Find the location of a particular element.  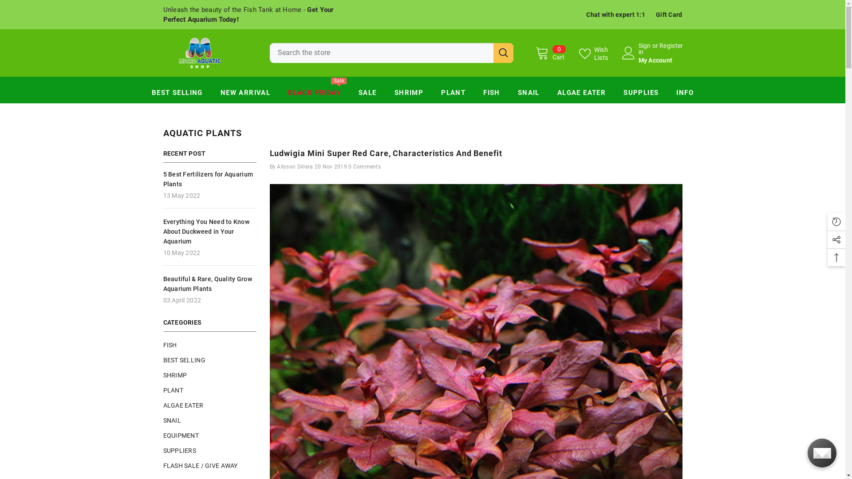

'Get Your Perfect Aquarium Today!' is located at coordinates (248, 15).